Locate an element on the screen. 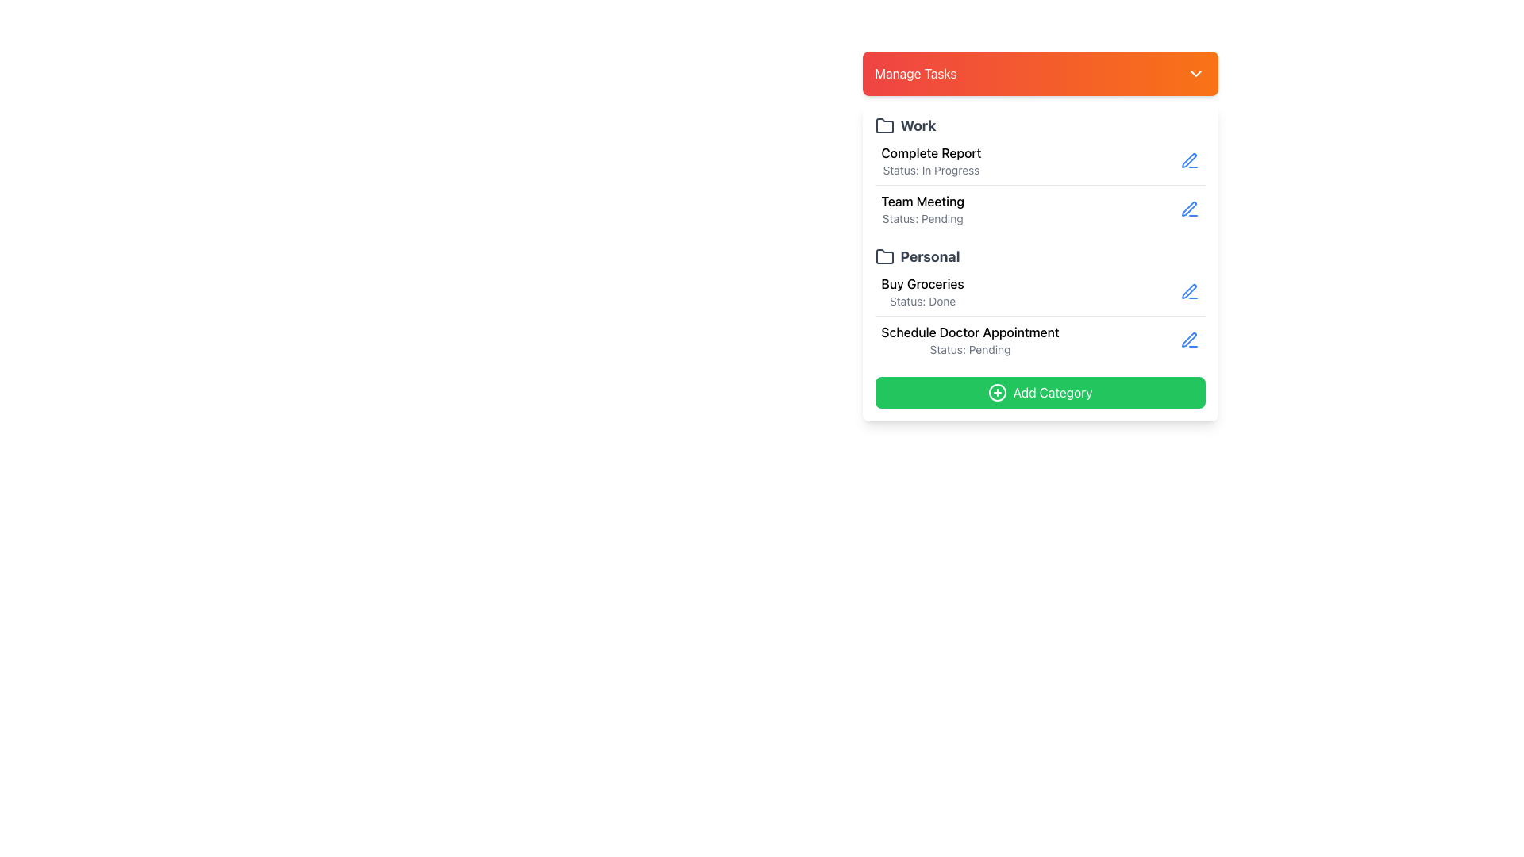 The height and width of the screenshot is (857, 1524). the pen icon located to the right of the 'Complete Report' task description in the 'Work' section is located at coordinates (1188, 160).